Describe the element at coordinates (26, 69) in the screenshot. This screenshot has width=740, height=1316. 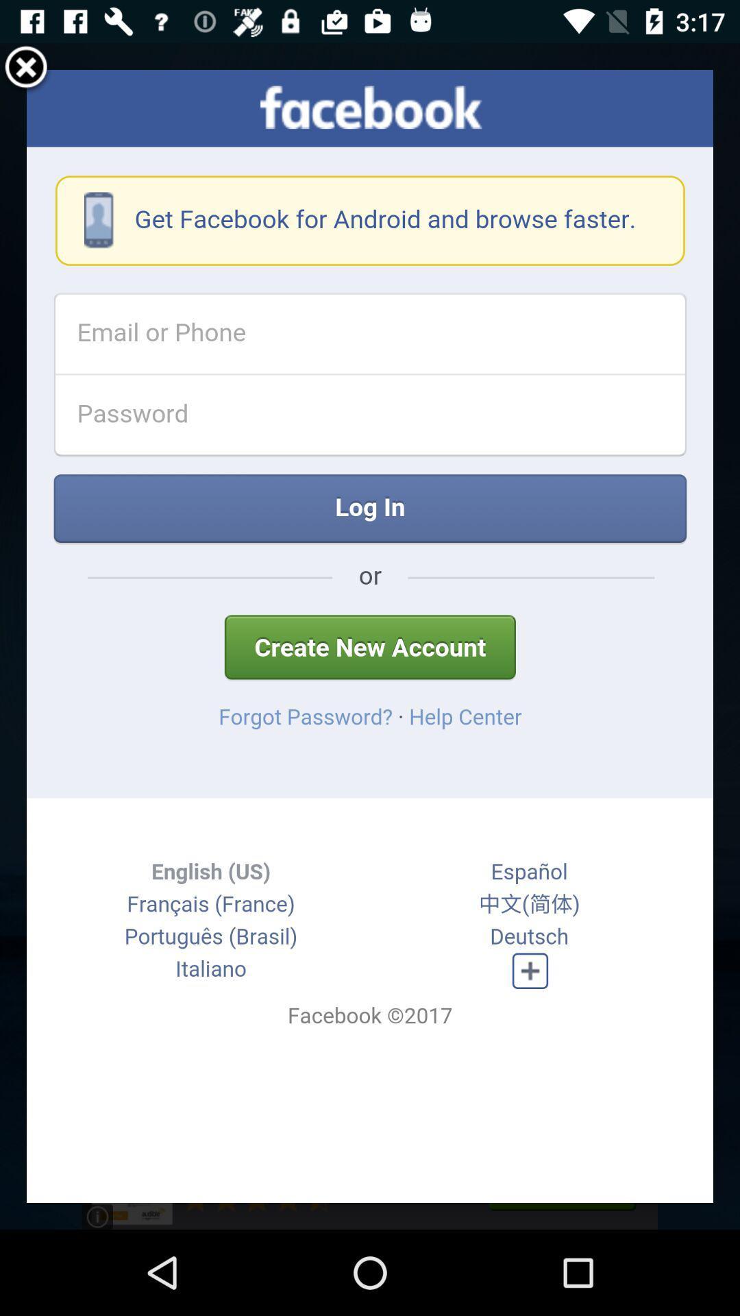
I see `this` at that location.